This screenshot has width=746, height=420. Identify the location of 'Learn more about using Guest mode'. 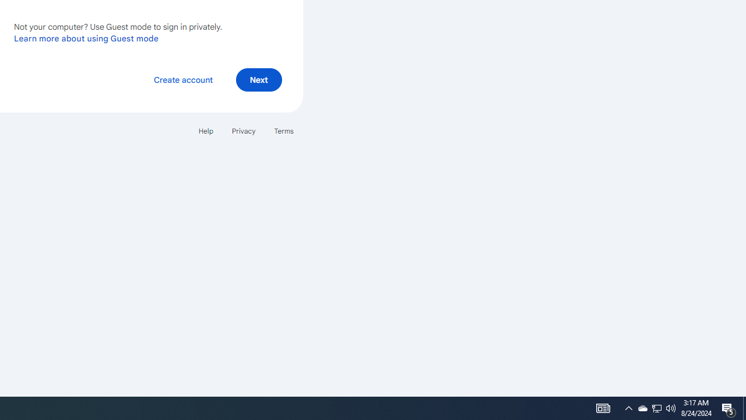
(86, 37).